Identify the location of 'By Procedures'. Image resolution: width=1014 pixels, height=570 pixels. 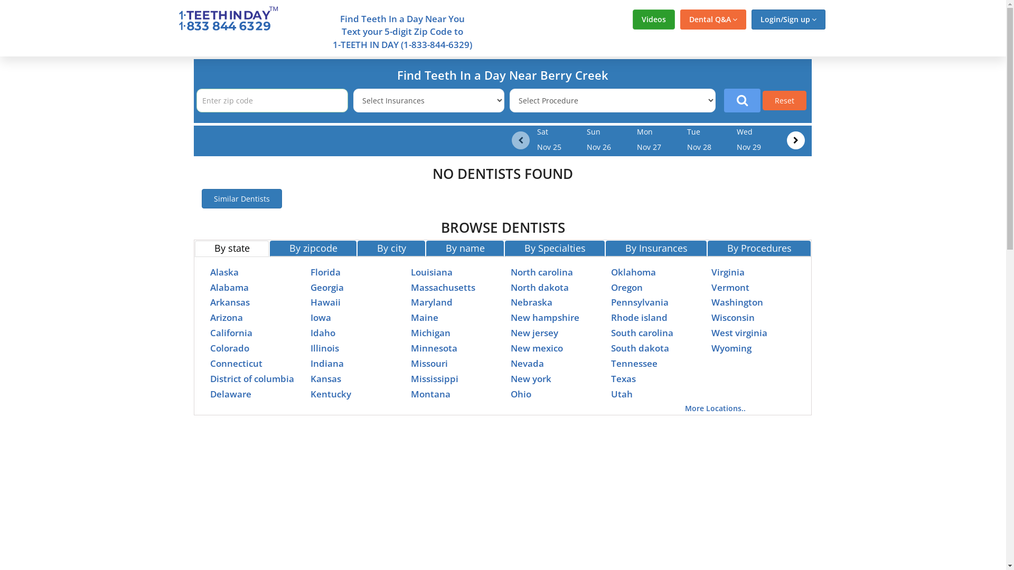
(758, 248).